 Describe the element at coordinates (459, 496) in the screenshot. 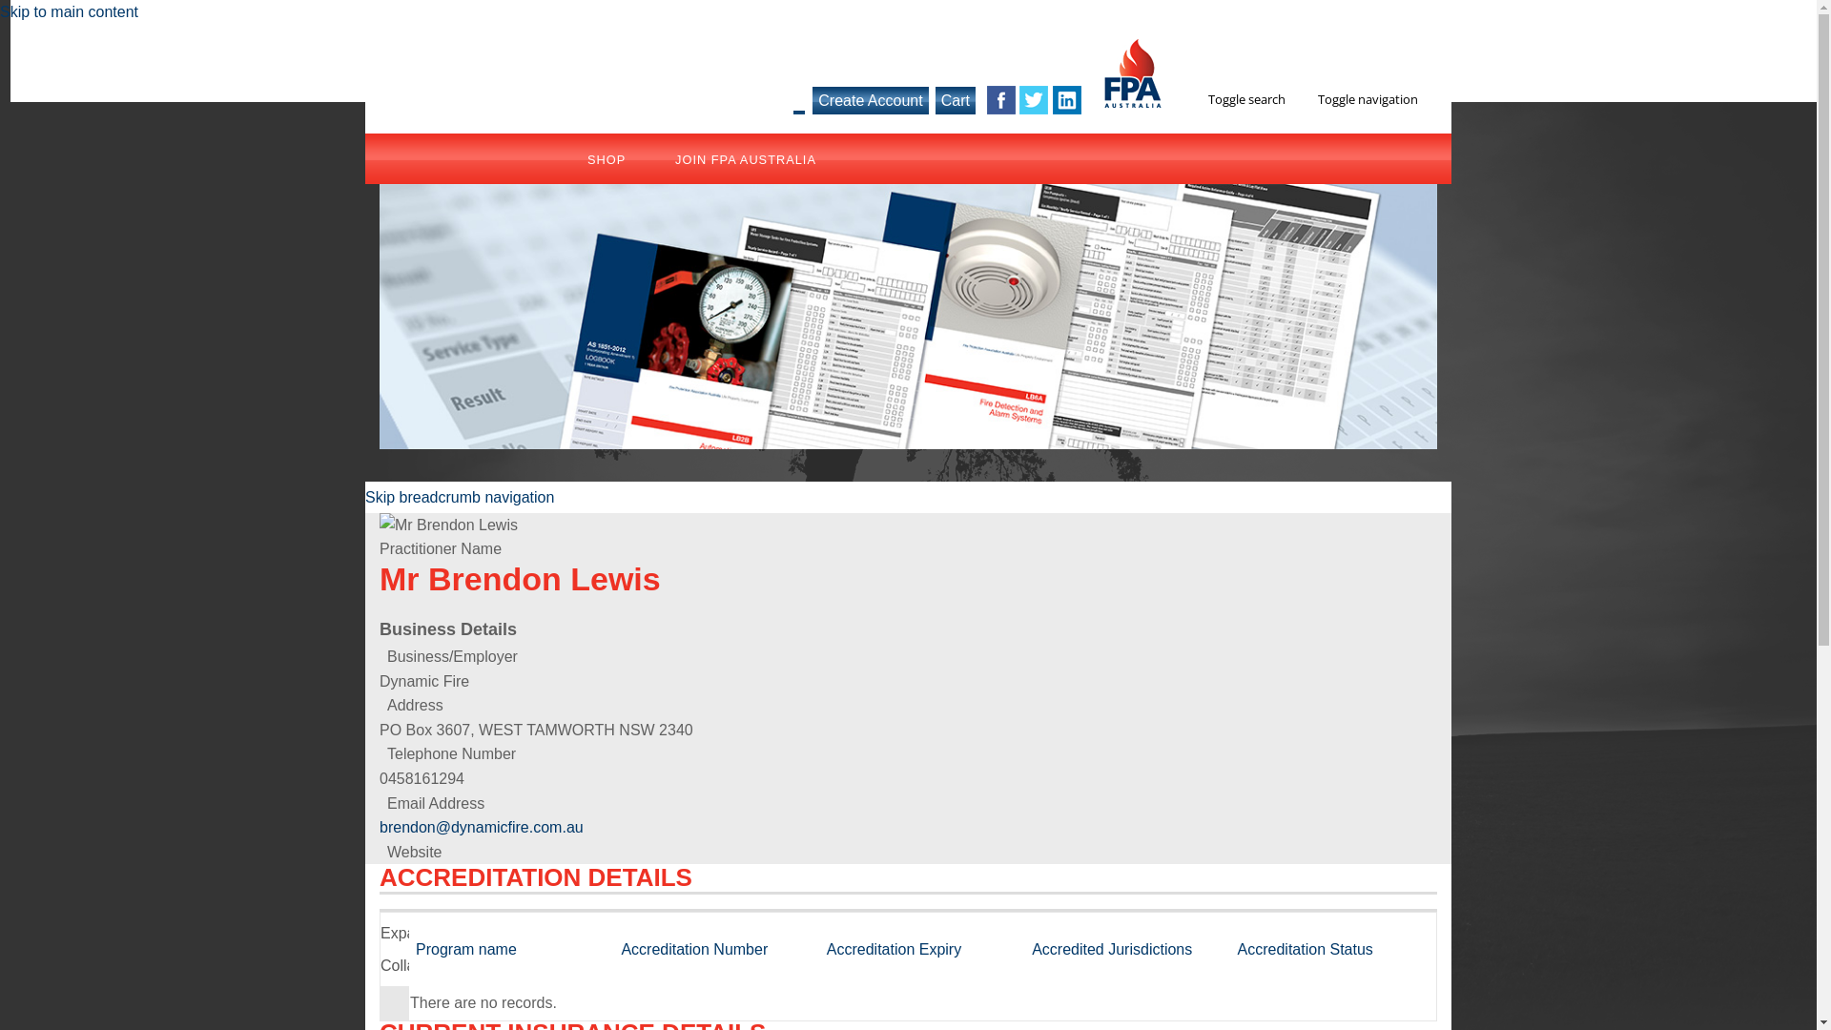

I see `'Skip breadcrumb navigation'` at that location.